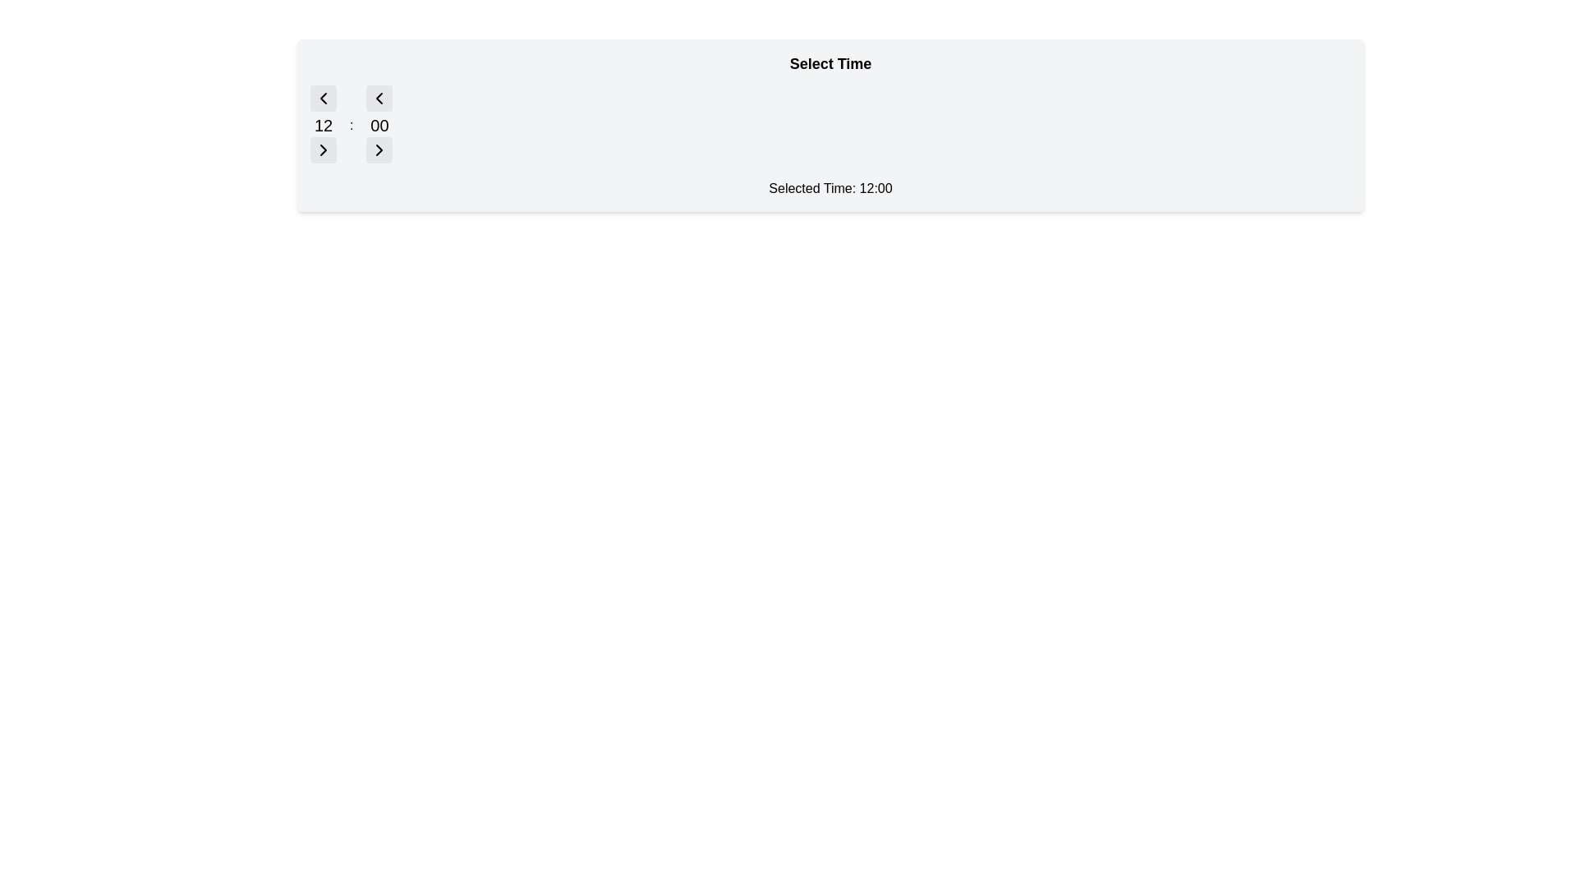  Describe the element at coordinates (379, 98) in the screenshot. I see `the small rectangular button with a left-pointing chevron icon, positioned above the '00' text and to the right of the colon symbol in the time interface, for keyboard interaction` at that location.